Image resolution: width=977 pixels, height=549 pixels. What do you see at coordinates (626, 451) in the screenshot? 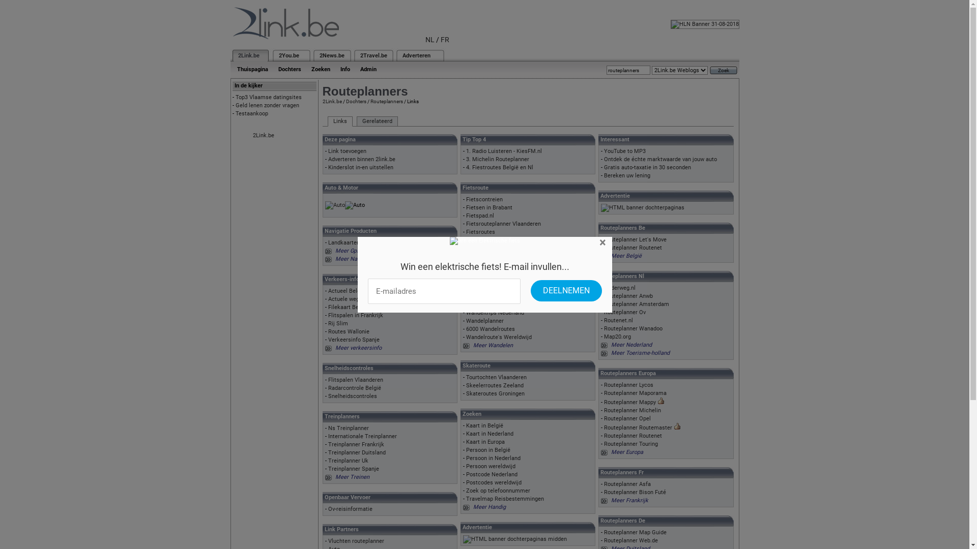
I see `'Meer Europa'` at bounding box center [626, 451].